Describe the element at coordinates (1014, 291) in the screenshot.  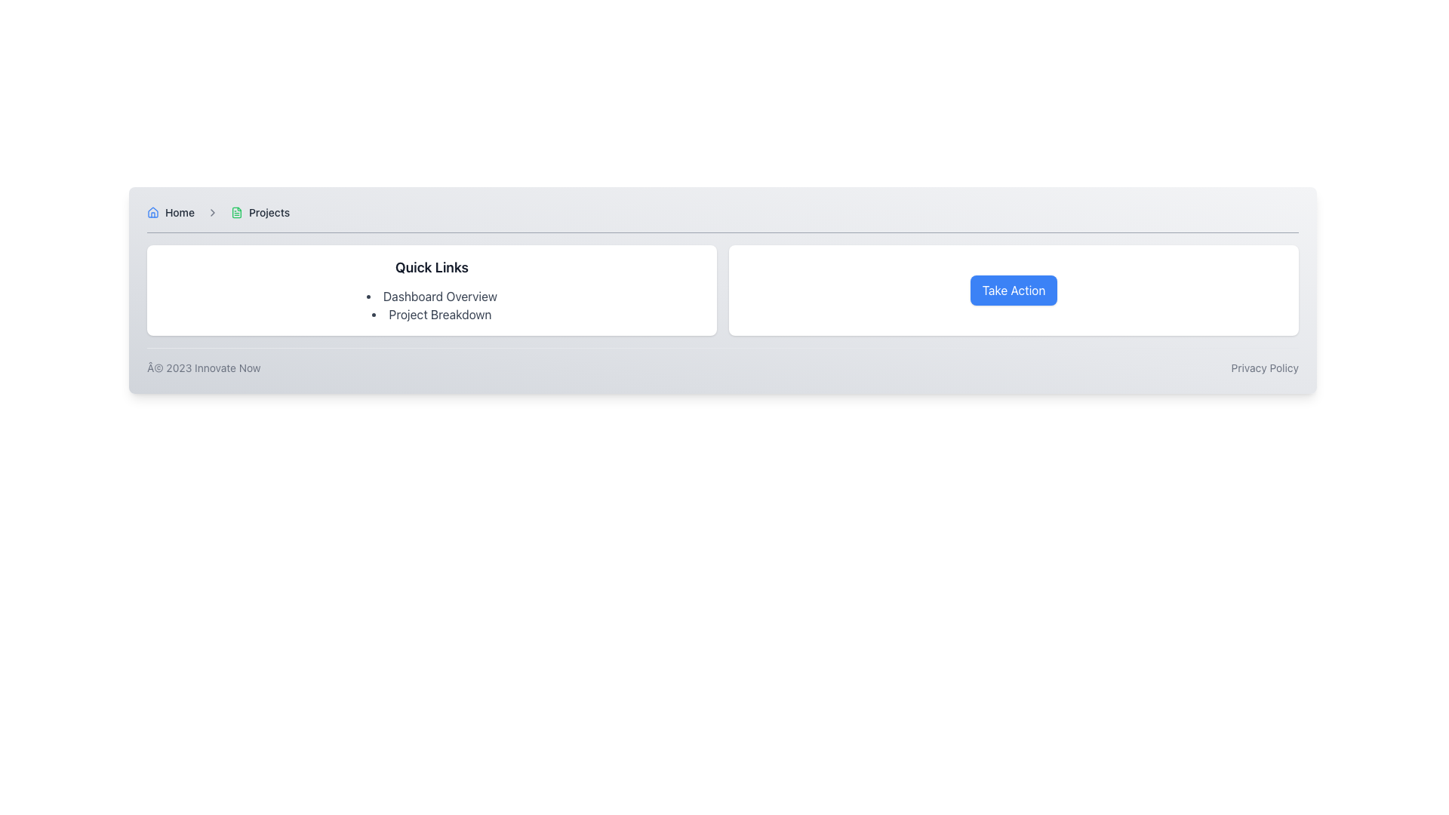
I see `the rectangular button with rounded corners that has a blue background and white text saying 'Take Action' to observe the color change` at that location.